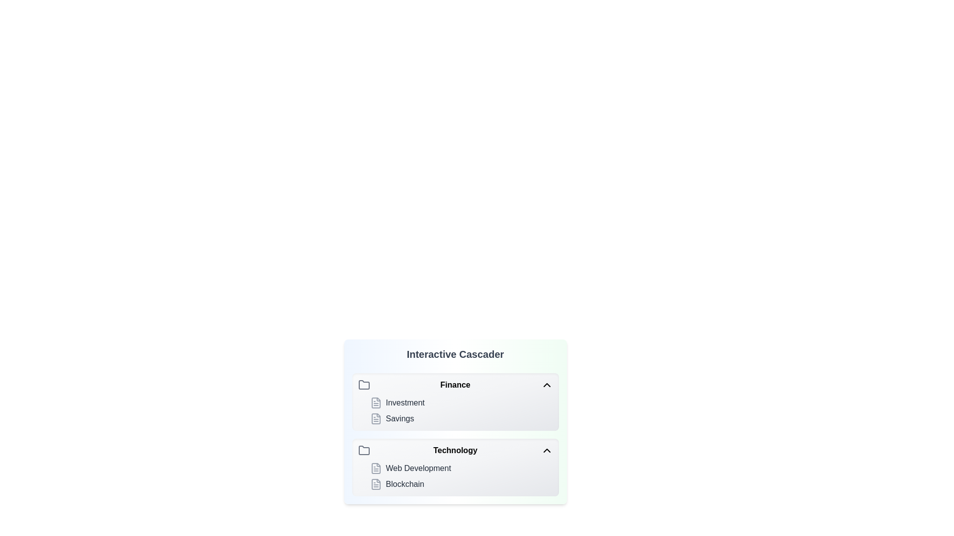 This screenshot has width=954, height=536. What do you see at coordinates (461, 469) in the screenshot?
I see `the first selectable option in the 'Technology' section, labeled 'Web Development'` at bounding box center [461, 469].